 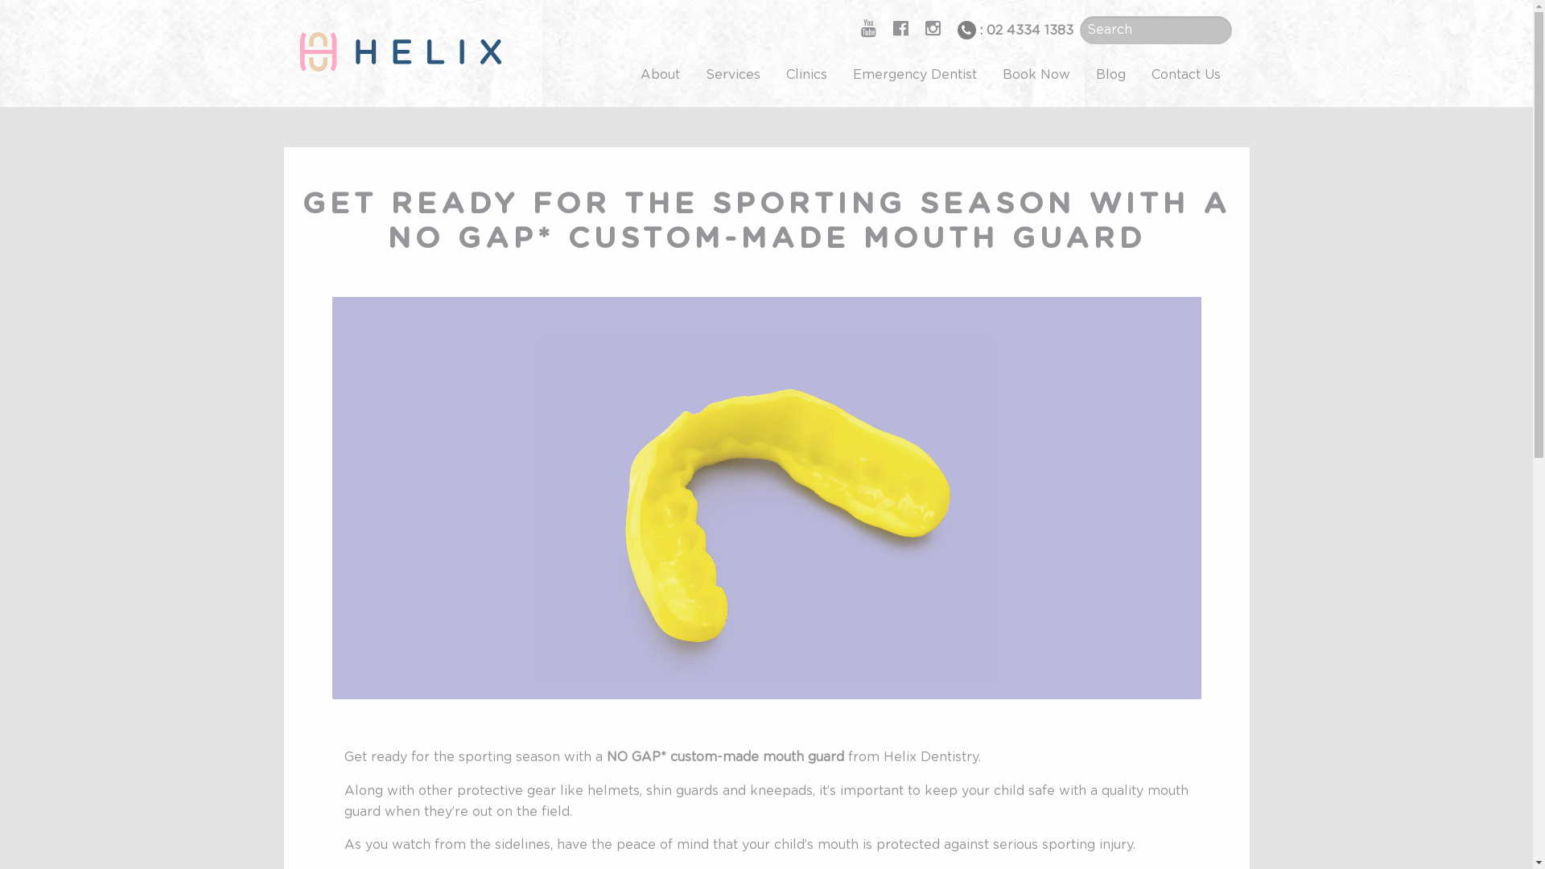 I want to click on 'Blog', so click(x=1082, y=74).